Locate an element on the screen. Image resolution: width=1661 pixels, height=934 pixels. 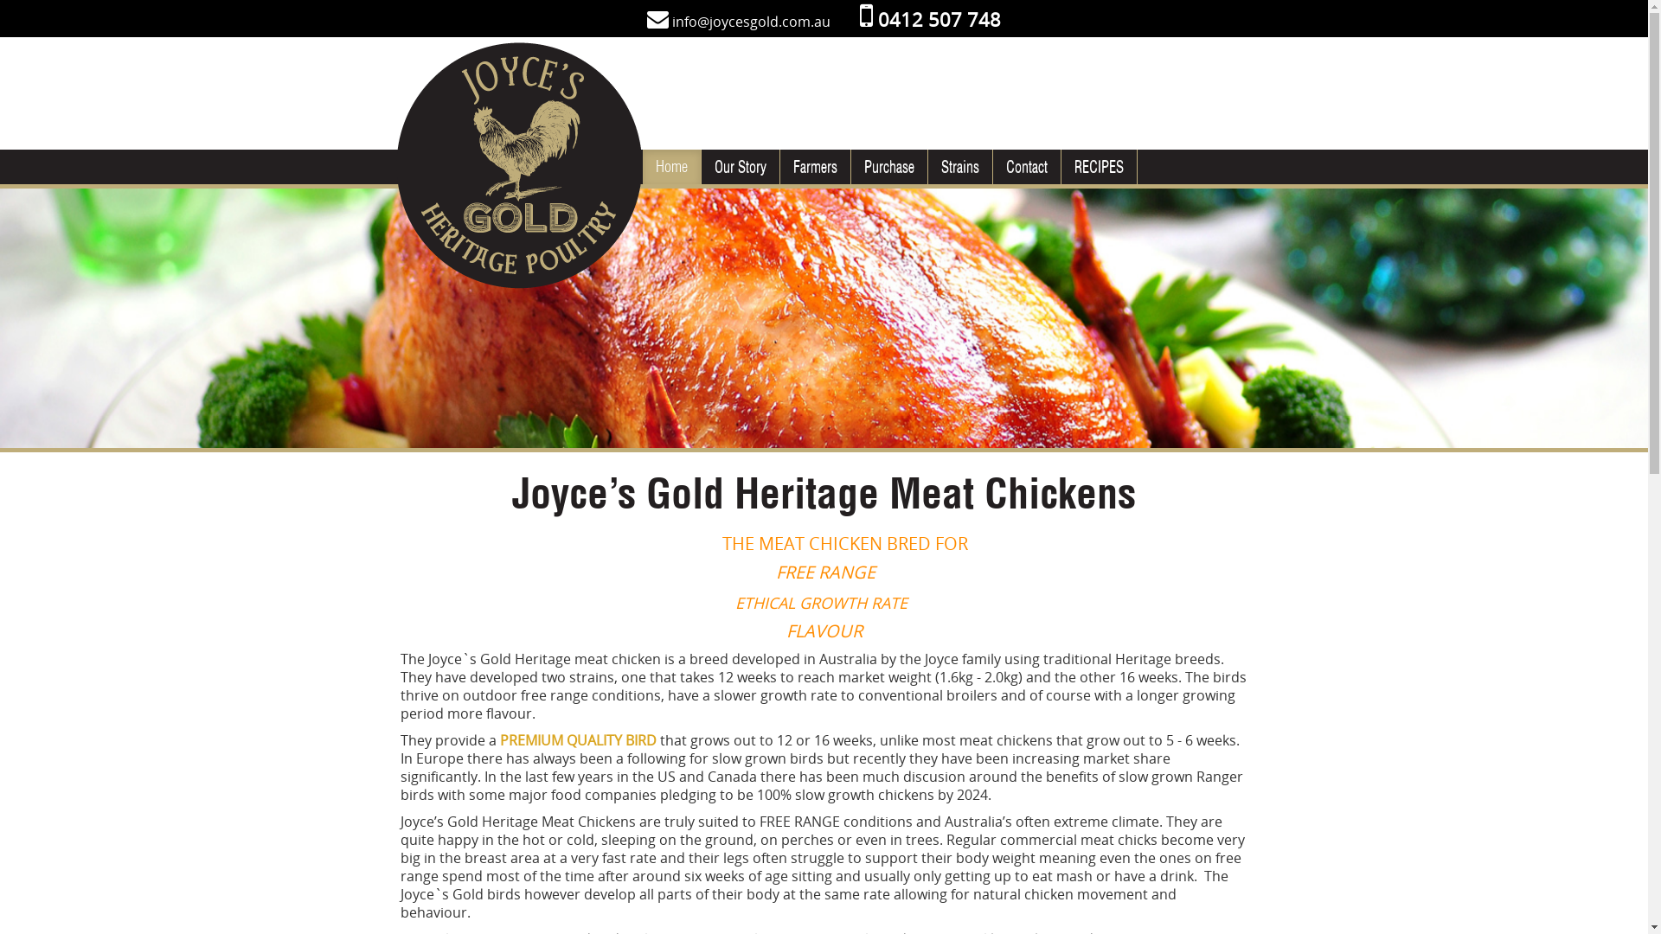
'Farmers' is located at coordinates (814, 166).